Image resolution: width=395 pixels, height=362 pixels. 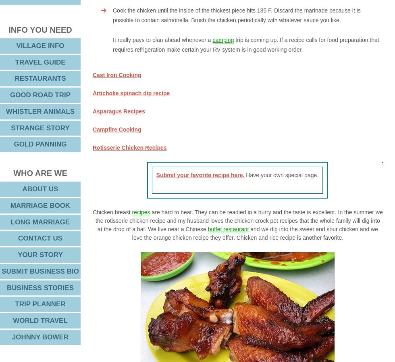 I want to click on 'Cast Iron Cooking', so click(x=116, y=74).